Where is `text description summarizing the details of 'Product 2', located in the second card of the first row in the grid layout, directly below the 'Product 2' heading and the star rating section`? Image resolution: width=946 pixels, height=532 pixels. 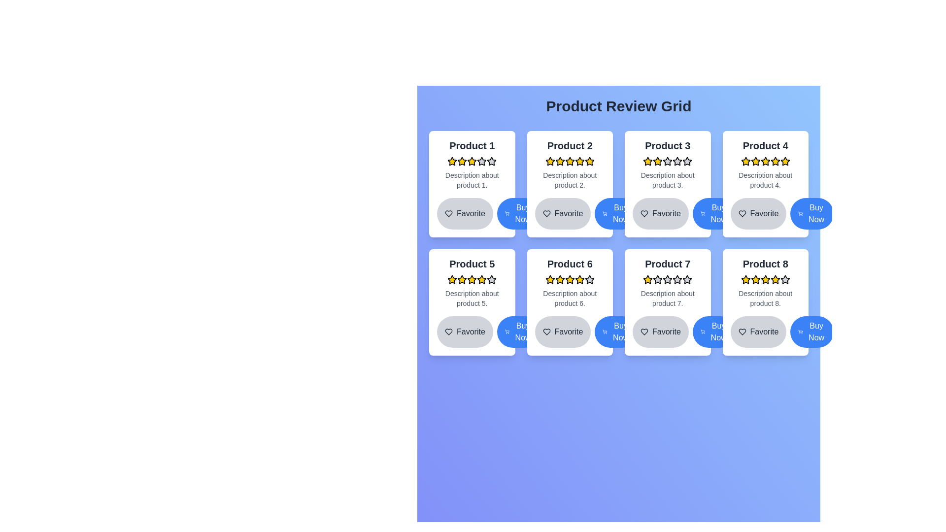 text description summarizing the details of 'Product 2', located in the second card of the first row in the grid layout, directly below the 'Product 2' heading and the star rating section is located at coordinates (570, 180).